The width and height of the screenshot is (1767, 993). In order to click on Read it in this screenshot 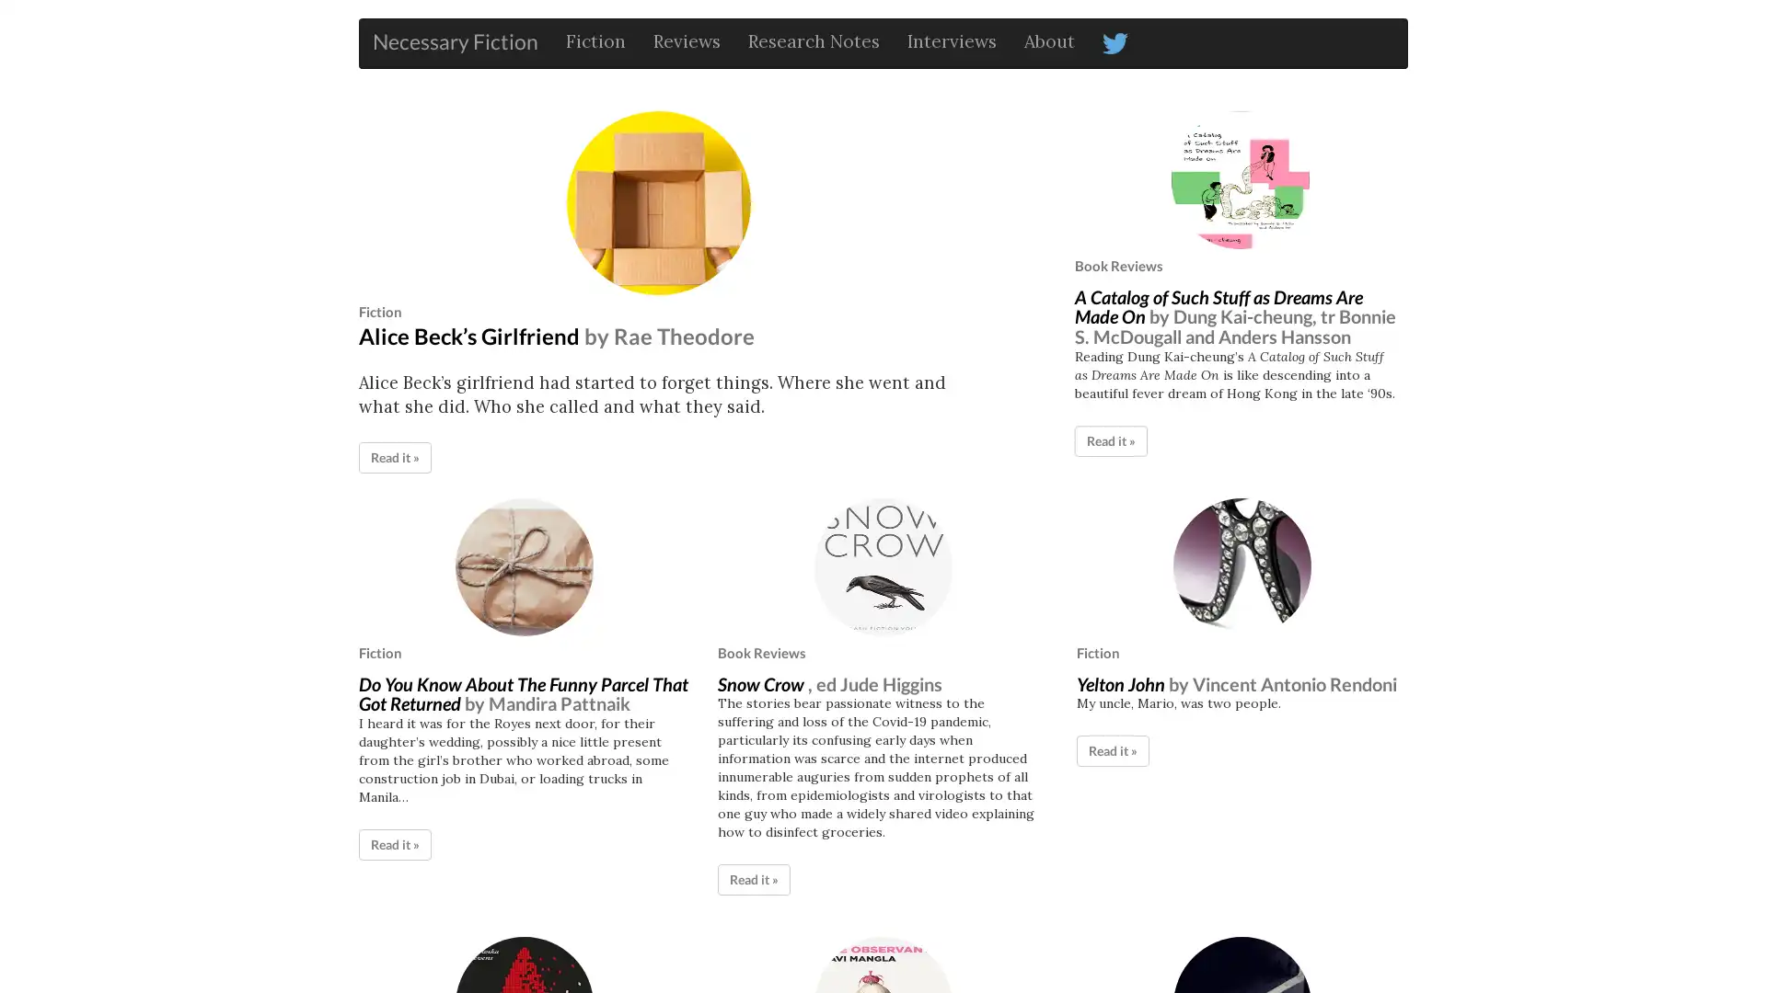, I will do `click(754, 878)`.